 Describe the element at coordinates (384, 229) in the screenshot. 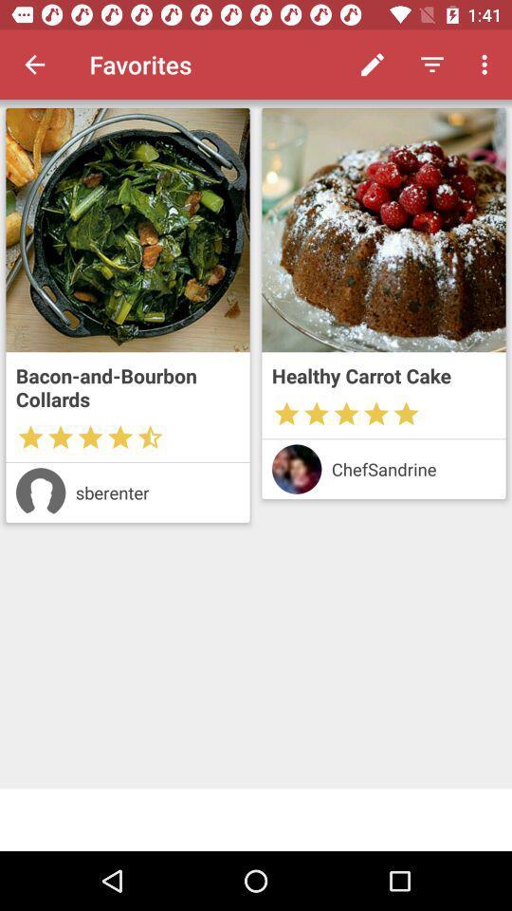

I see `open this recipe` at that location.